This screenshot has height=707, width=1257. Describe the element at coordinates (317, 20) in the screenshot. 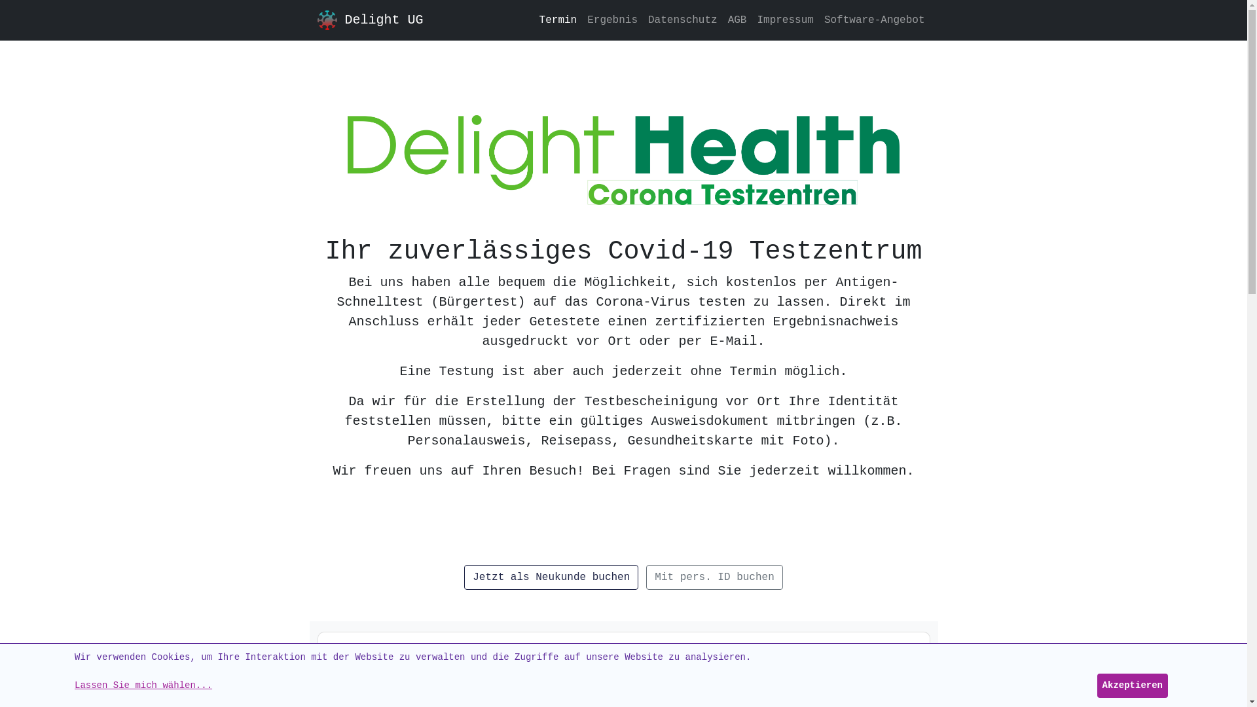

I see `'Delight UG'` at that location.